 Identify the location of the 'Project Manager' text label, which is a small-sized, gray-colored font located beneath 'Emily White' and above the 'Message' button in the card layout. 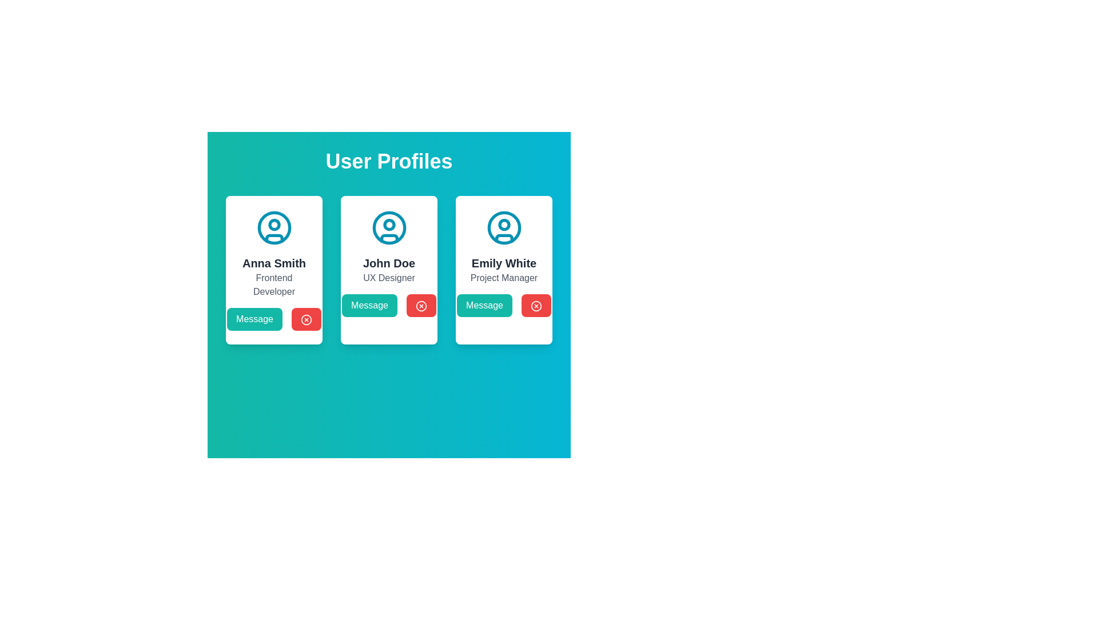
(503, 278).